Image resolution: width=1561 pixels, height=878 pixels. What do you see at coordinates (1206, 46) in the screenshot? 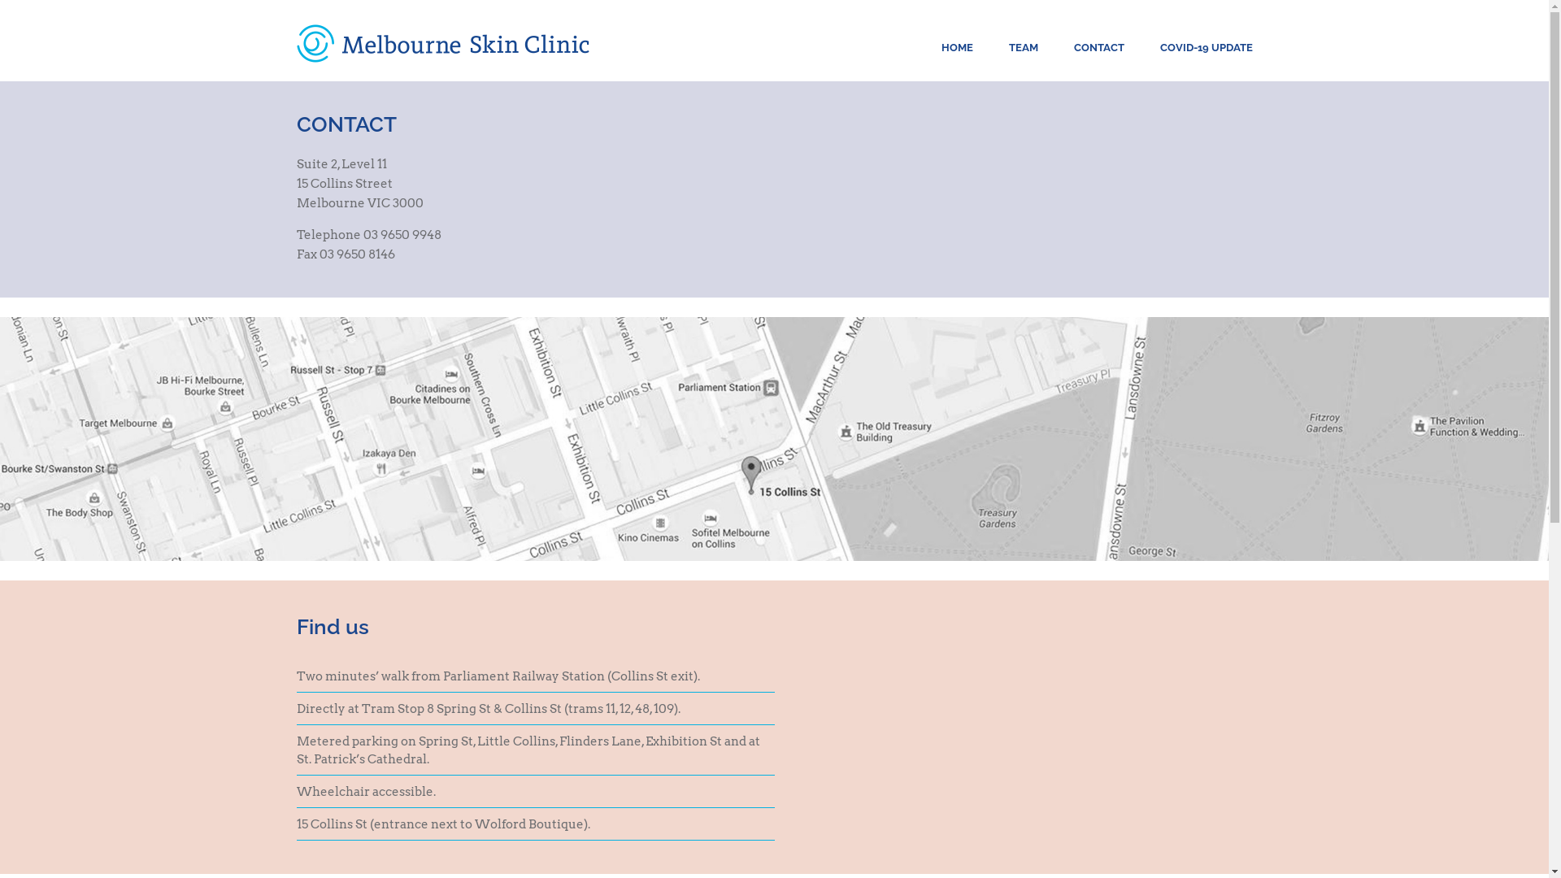
I see `'COVID-19 UPDATE'` at bounding box center [1206, 46].